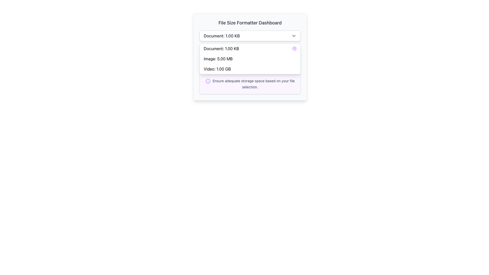  What do you see at coordinates (250, 36) in the screenshot?
I see `the Dropdown menu located centrally within the 'File Size Formatter Dashboard' card` at bounding box center [250, 36].